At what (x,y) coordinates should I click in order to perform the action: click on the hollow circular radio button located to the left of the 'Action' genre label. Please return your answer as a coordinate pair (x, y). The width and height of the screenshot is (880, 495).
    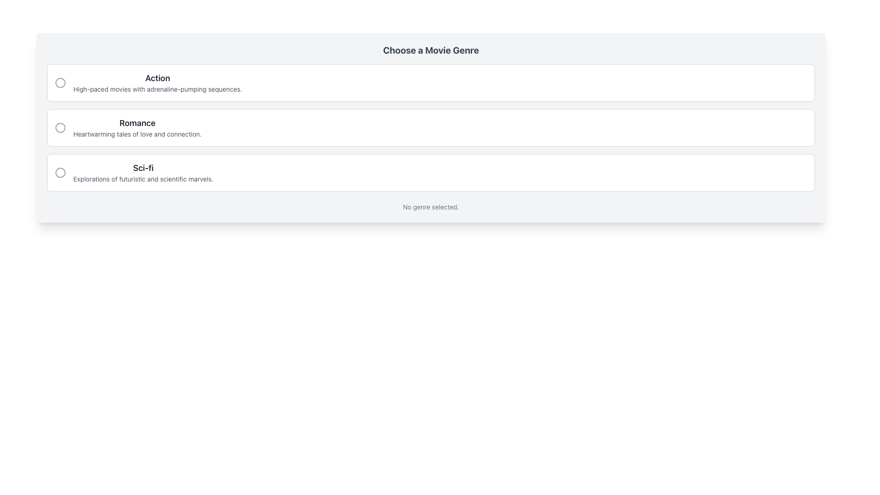
    Looking at the image, I should click on (60, 83).